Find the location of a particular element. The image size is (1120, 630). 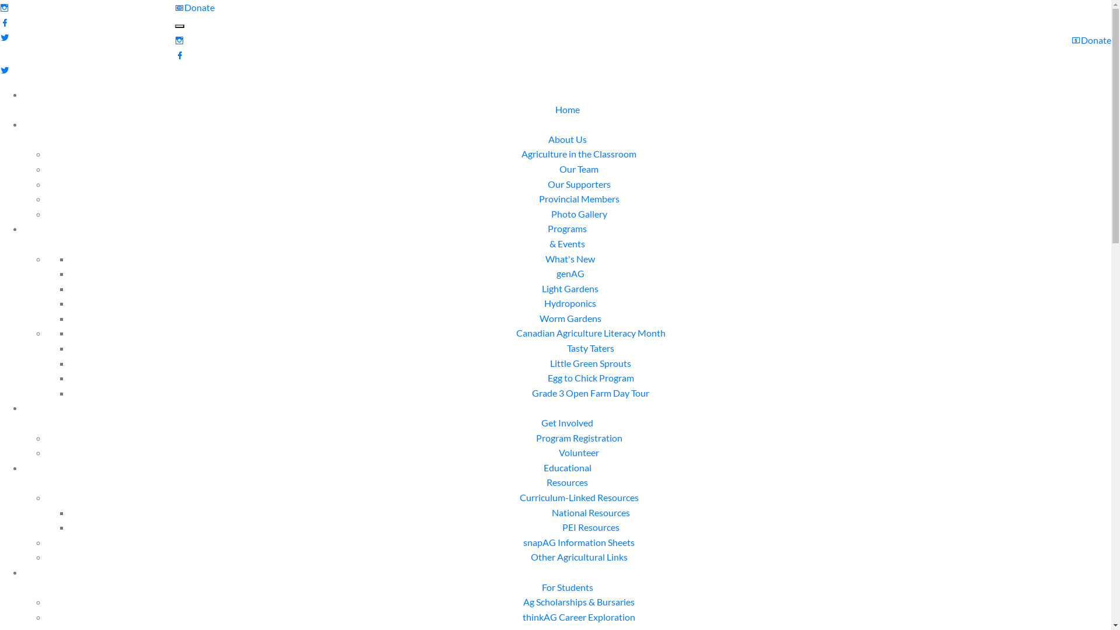

'snapAG Information Sheets' is located at coordinates (579, 542).